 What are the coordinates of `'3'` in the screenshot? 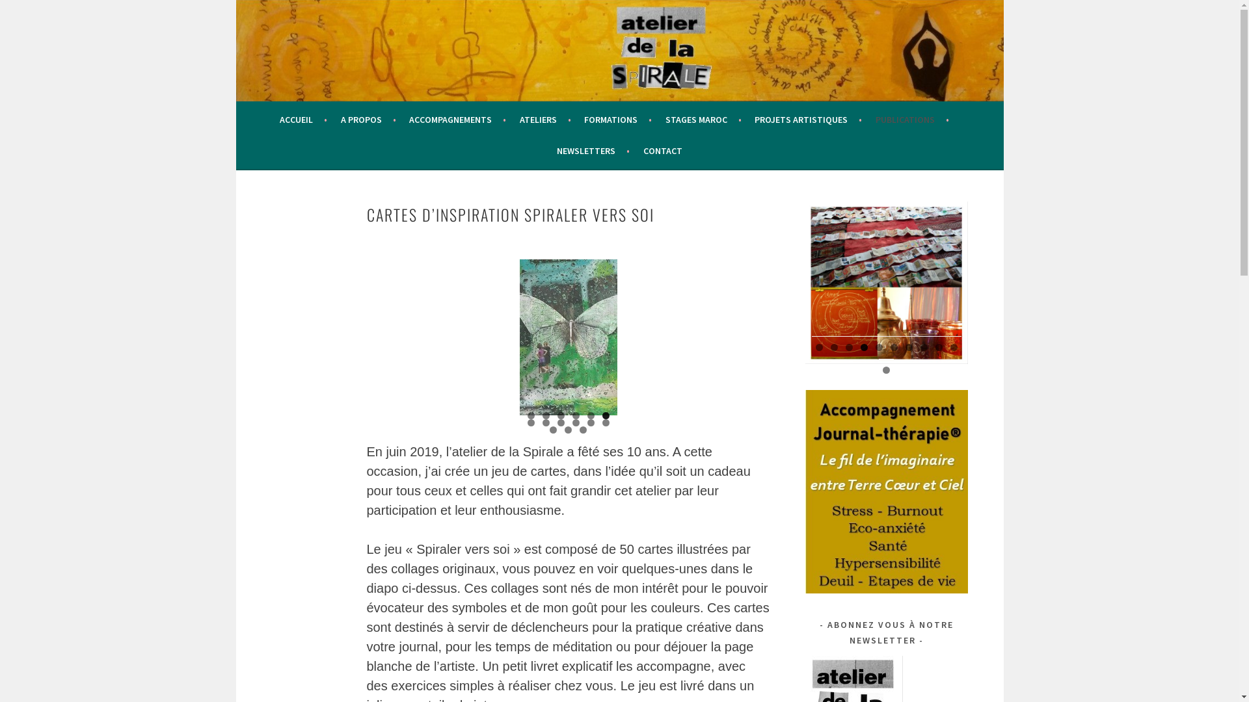 It's located at (560, 415).